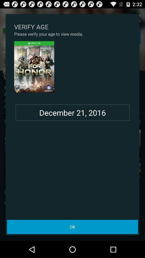 The width and height of the screenshot is (145, 258). What do you see at coordinates (73, 227) in the screenshot?
I see `the ok item` at bounding box center [73, 227].